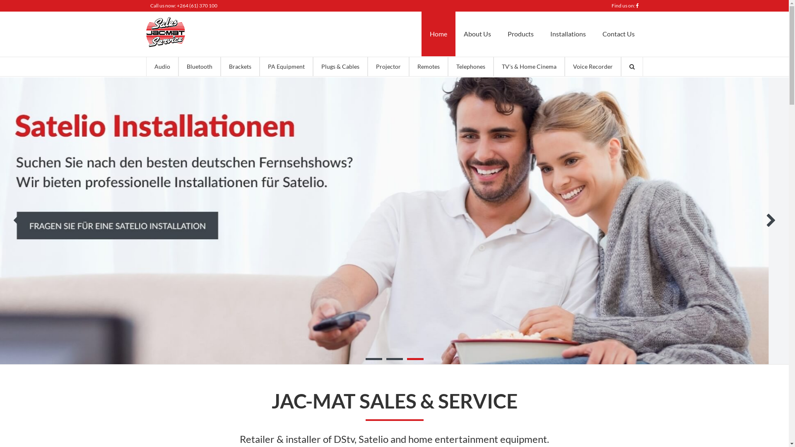 The width and height of the screenshot is (795, 447). What do you see at coordinates (528, 66) in the screenshot?
I see `'TV's & Home Cinema'` at bounding box center [528, 66].